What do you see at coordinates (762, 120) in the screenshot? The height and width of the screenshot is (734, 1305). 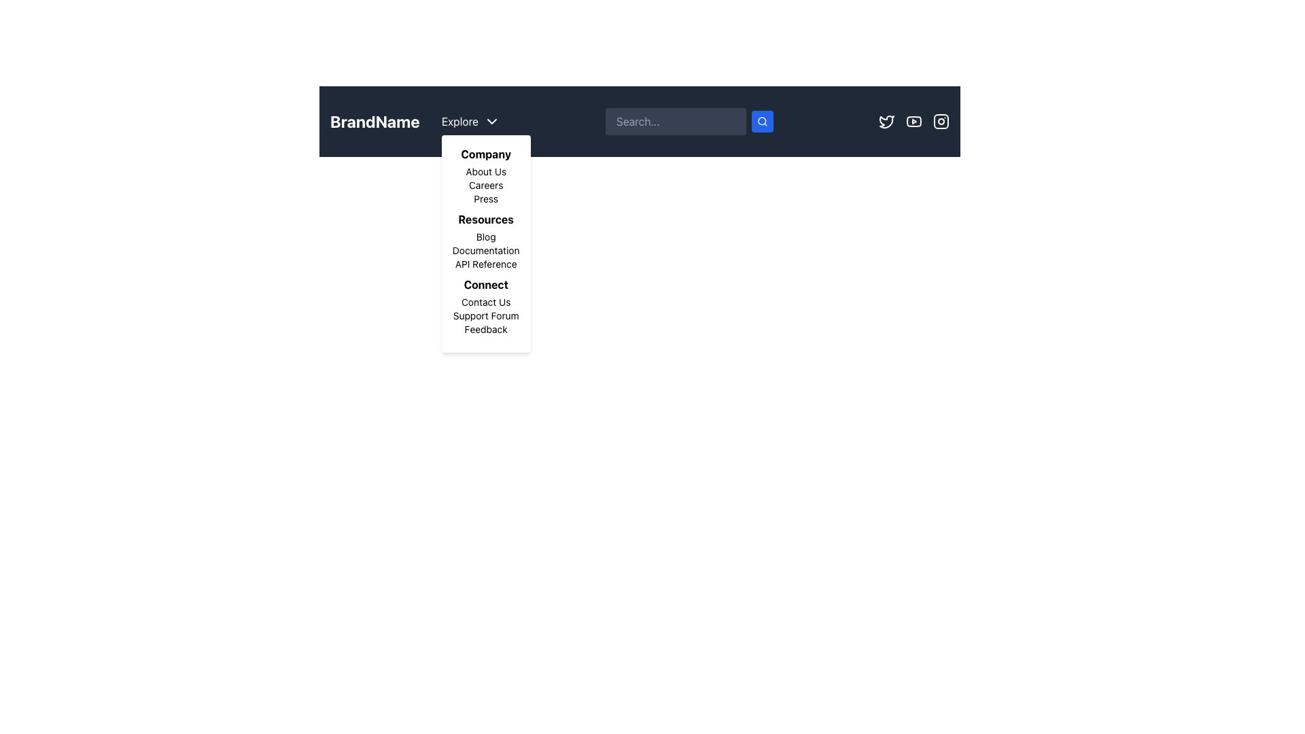 I see `the search icon located inside the button with a blue background and rounded corners, positioned to the right of the input search field in the navigation bar` at bounding box center [762, 120].